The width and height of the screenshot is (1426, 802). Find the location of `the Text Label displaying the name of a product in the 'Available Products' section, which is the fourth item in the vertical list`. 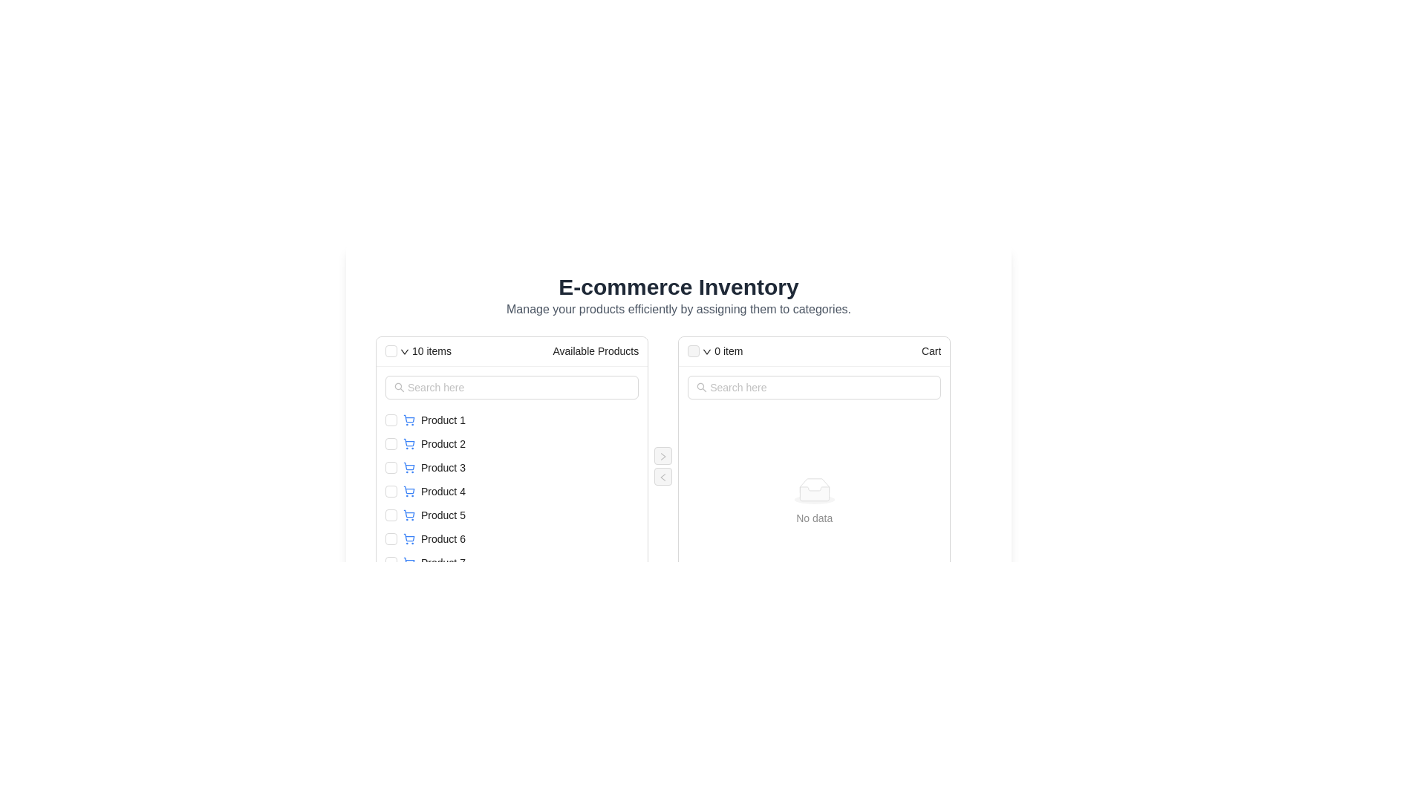

the Text Label displaying the name of a product in the 'Available Products' section, which is the fourth item in the vertical list is located at coordinates (442, 492).